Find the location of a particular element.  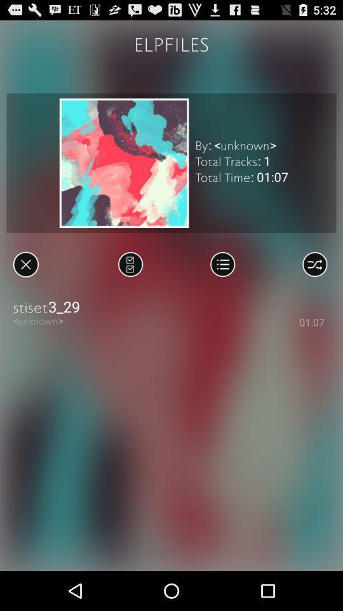

shuffle play is located at coordinates (314, 263).